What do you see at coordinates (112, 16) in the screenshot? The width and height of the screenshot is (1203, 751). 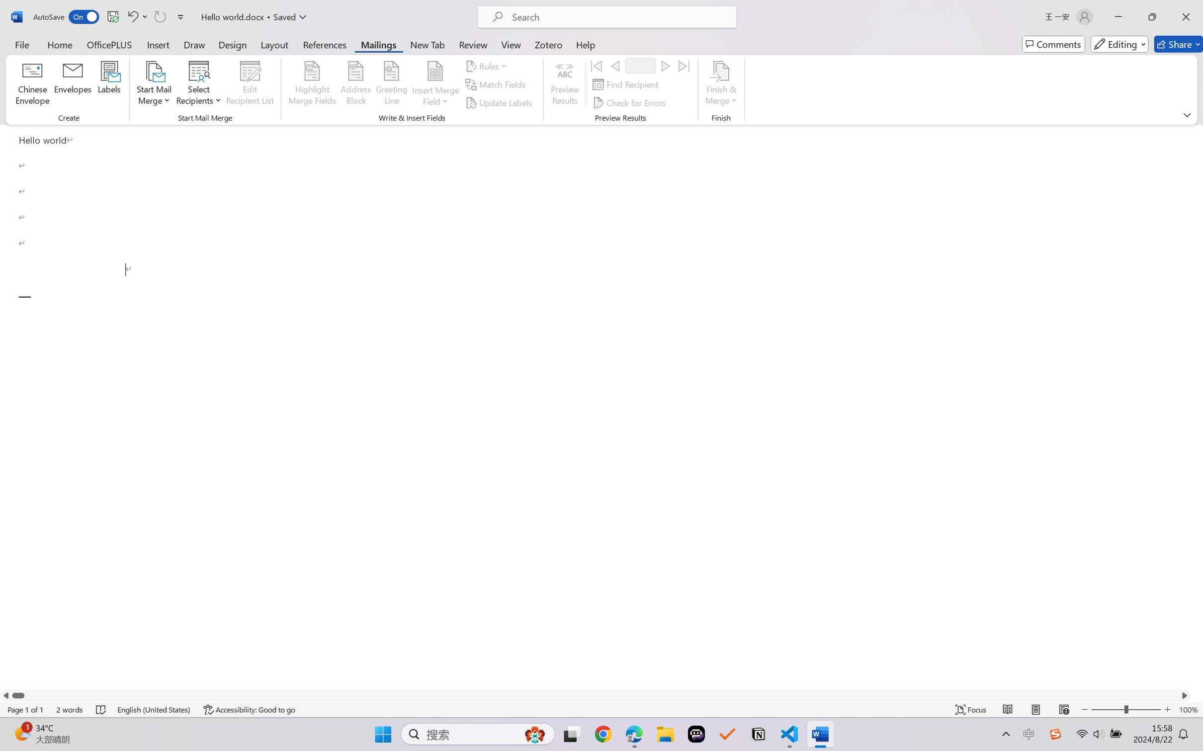 I see `'Save'` at bounding box center [112, 16].